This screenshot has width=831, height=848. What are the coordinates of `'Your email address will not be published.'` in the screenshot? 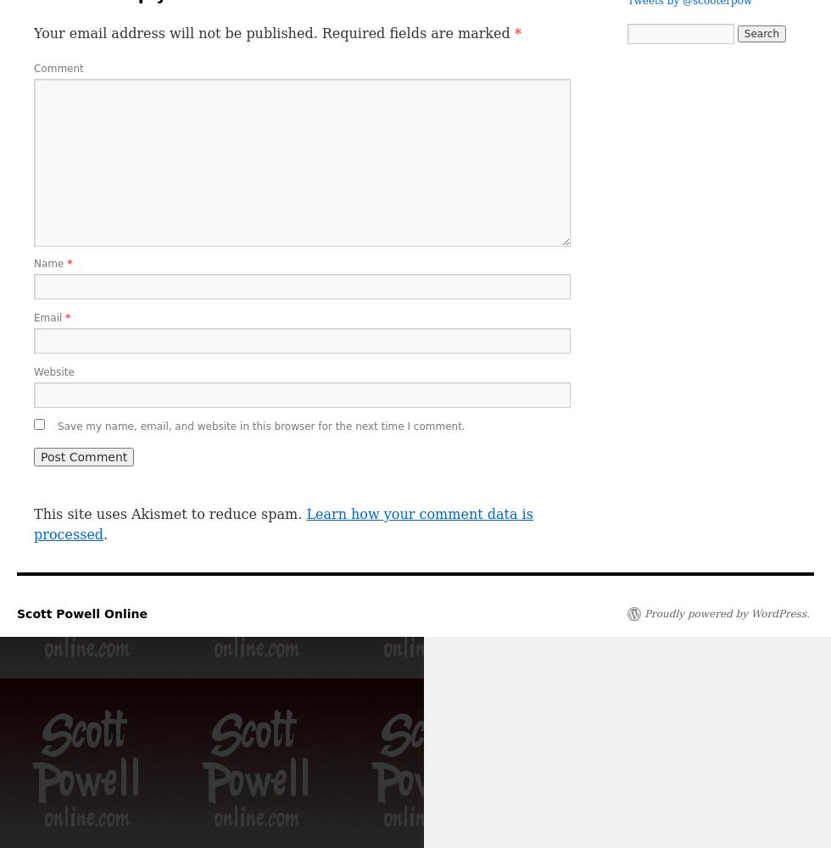 It's located at (175, 33).